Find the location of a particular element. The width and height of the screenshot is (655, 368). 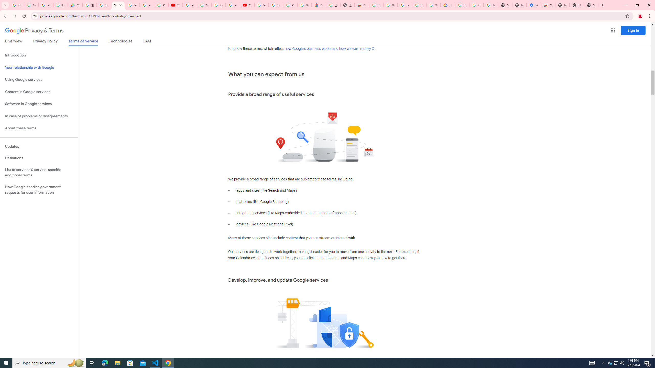

'In case of problems or disagreements' is located at coordinates (39, 116).